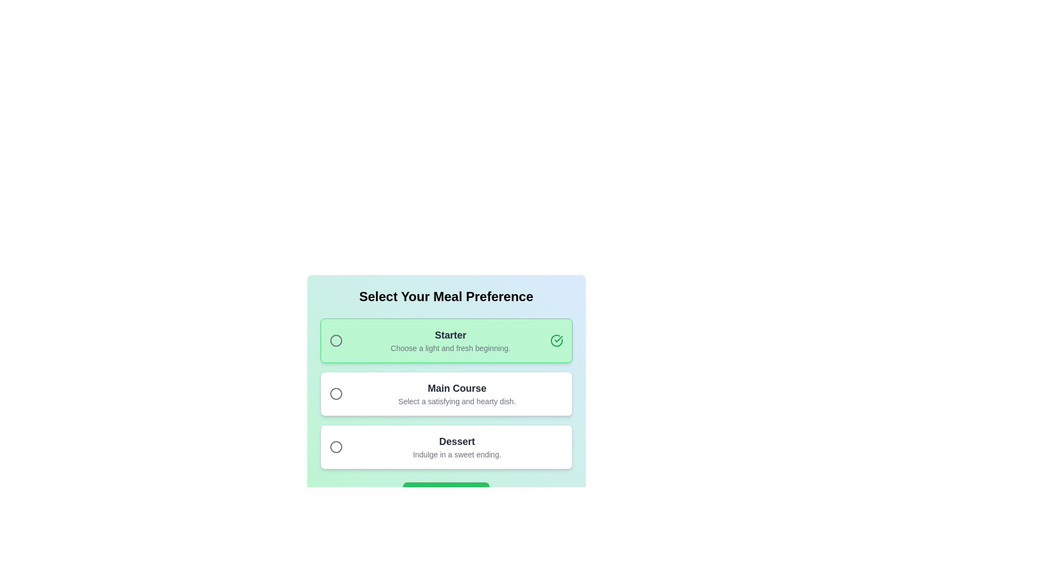 This screenshot has height=586, width=1043. What do you see at coordinates (446, 493) in the screenshot?
I see `the confirmation button located at the bottom of the 'Select Your Meal Preference' panel` at bounding box center [446, 493].